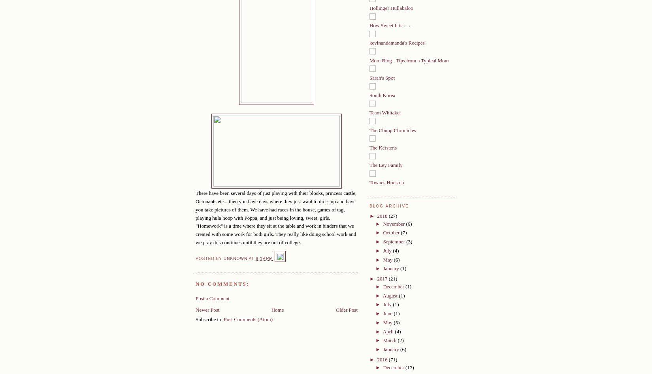 The width and height of the screenshot is (652, 374). I want to click on 'Sarah's Spot', so click(382, 77).